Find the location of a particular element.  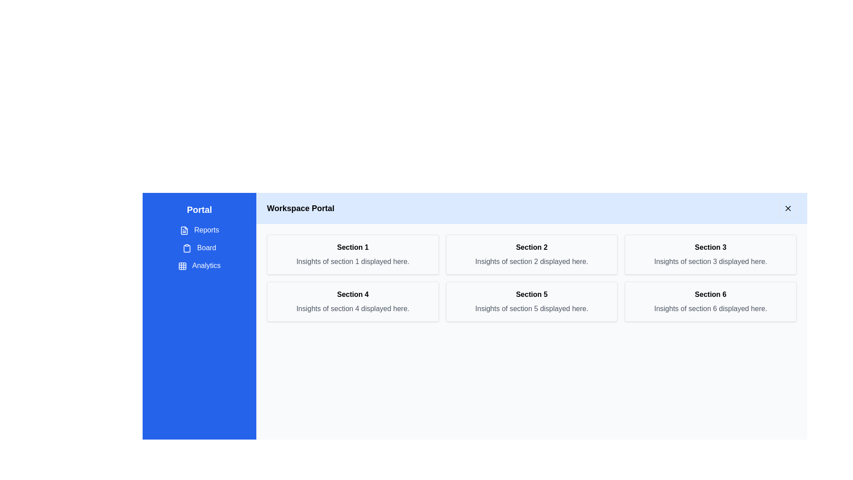

the text element displaying 'Section 5', which is a bold heading aligned horizontally in the center-right of the grid layout is located at coordinates (531, 295).